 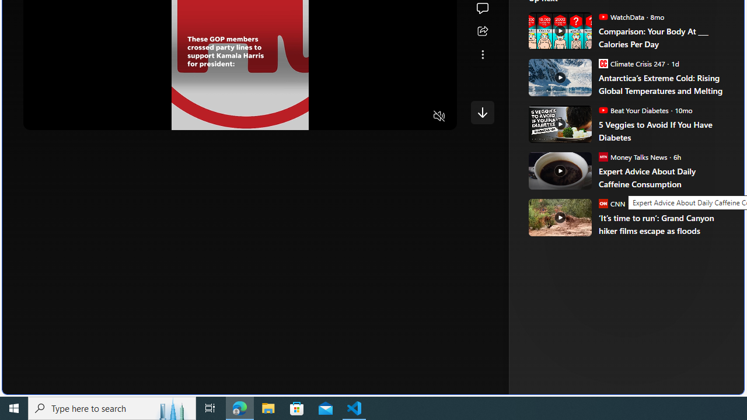 I want to click on 'Comparison: Your Body At ___ Calories Per Day', so click(x=663, y=37).